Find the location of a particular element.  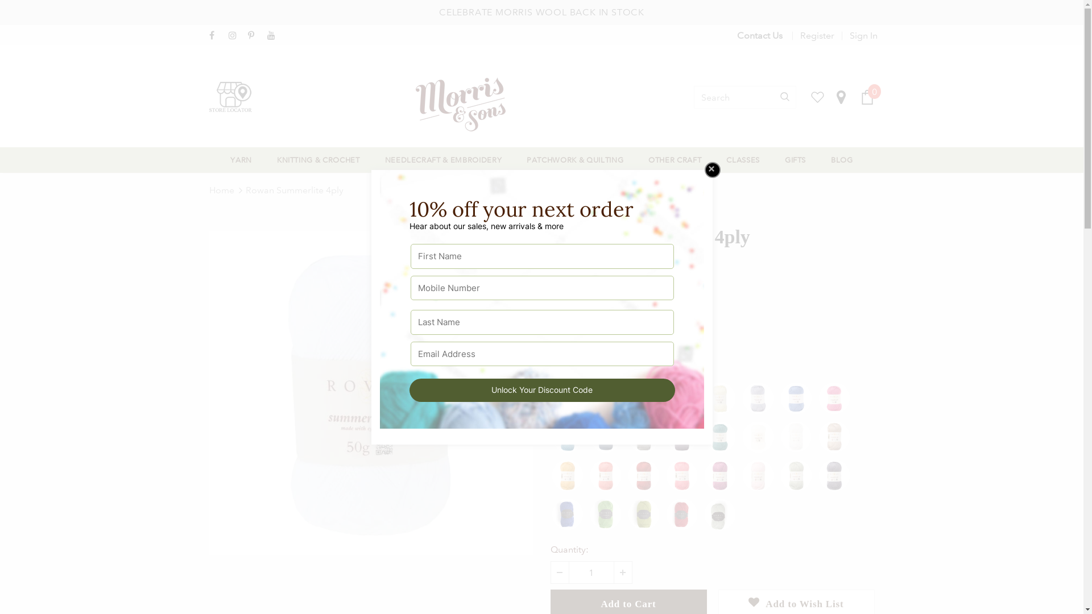

'Pinterest' is located at coordinates (254, 35).